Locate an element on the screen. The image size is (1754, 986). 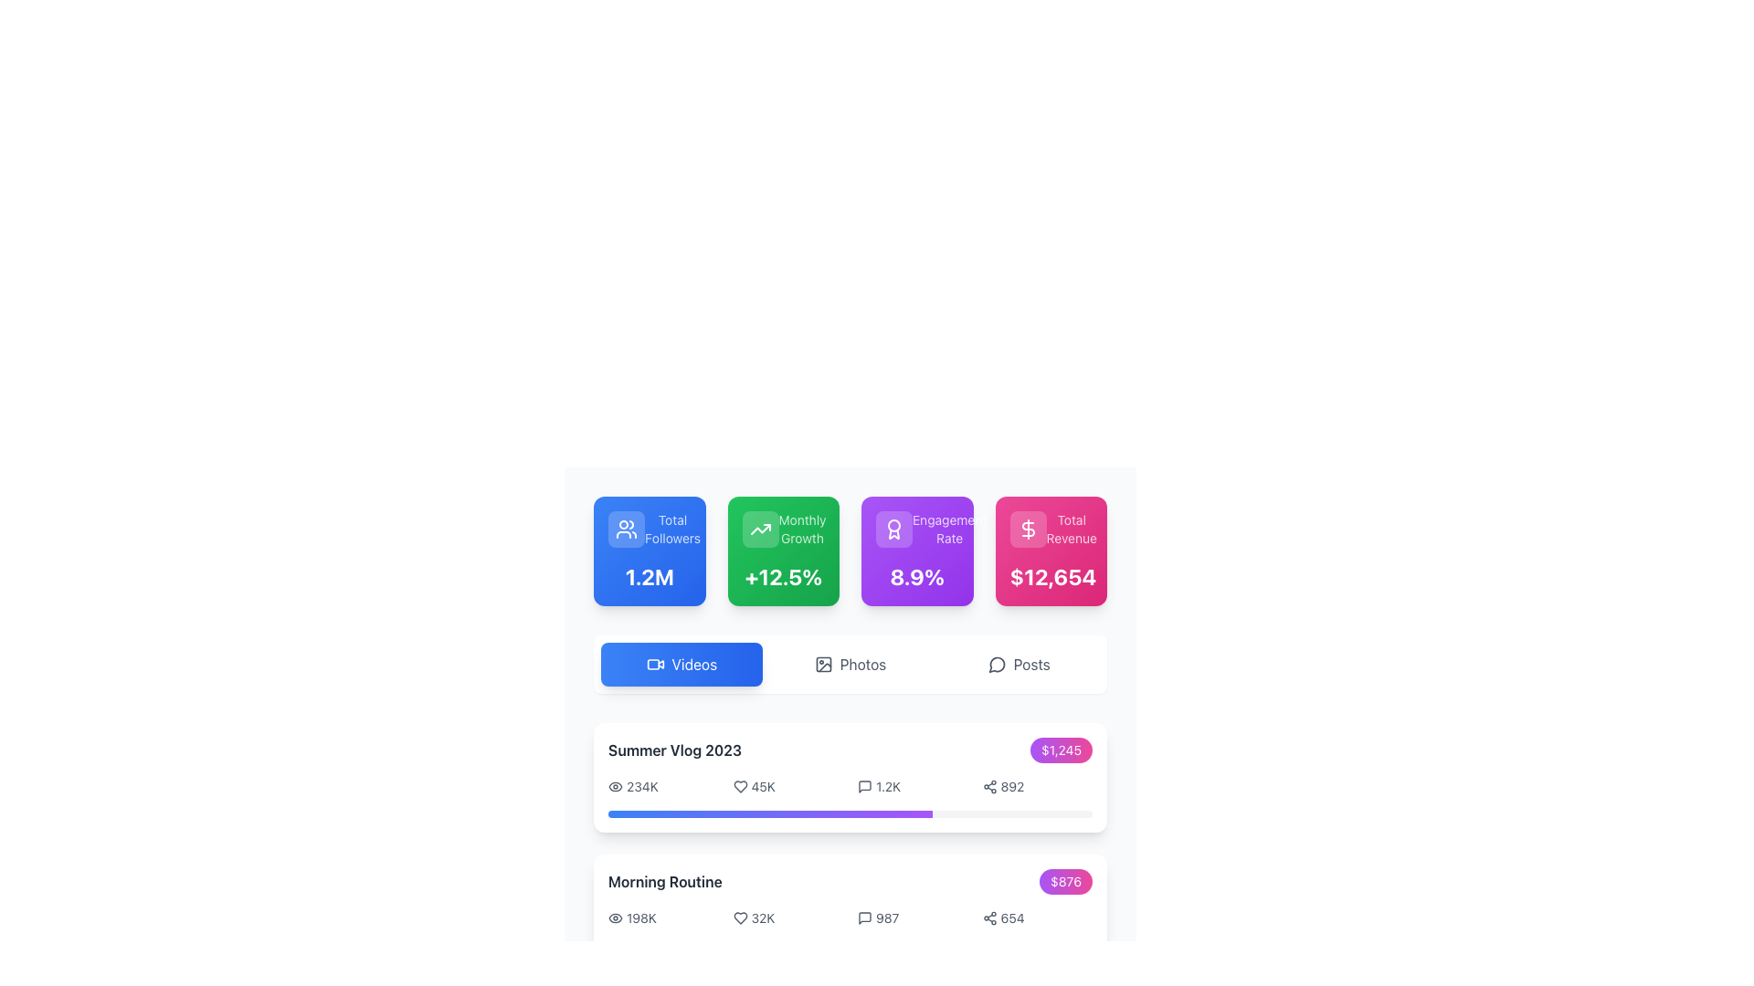
the Informational card displaying 'Total Revenue' with a pink gradient background located in the top-right corner of the grid is located at coordinates (1051, 551).